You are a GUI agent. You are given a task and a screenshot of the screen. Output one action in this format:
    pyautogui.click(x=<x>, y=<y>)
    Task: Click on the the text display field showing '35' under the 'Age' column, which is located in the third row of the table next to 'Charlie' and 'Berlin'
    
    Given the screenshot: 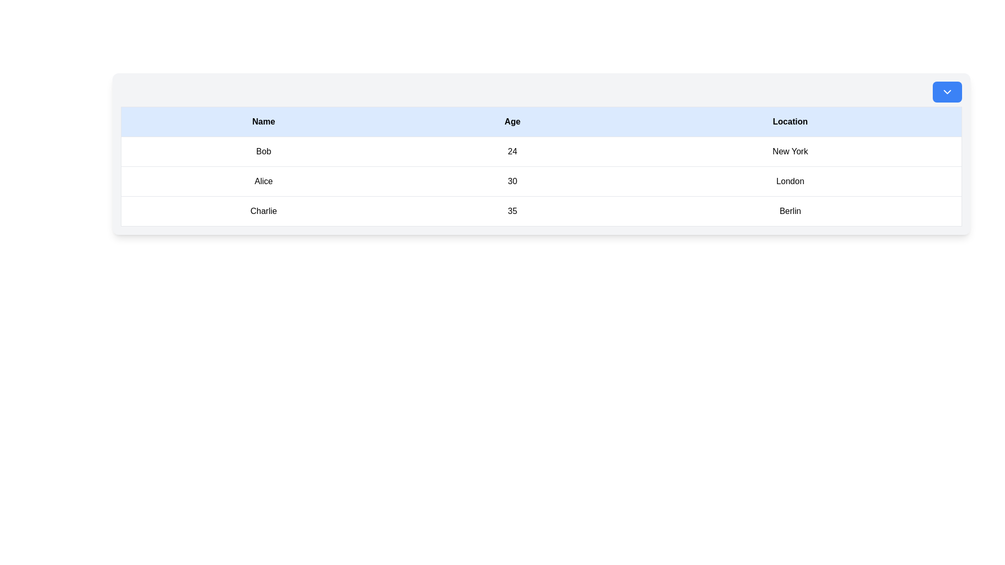 What is the action you would take?
    pyautogui.click(x=512, y=211)
    